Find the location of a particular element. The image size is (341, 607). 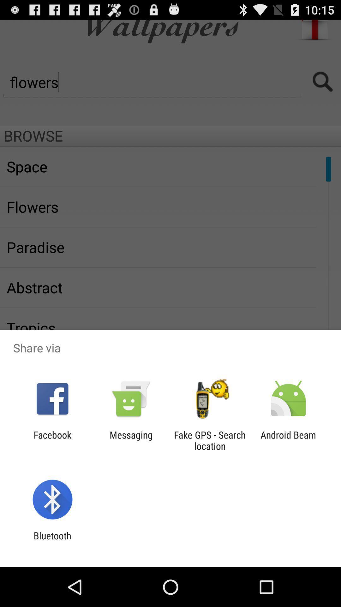

the app next to the android beam icon is located at coordinates (210, 440).